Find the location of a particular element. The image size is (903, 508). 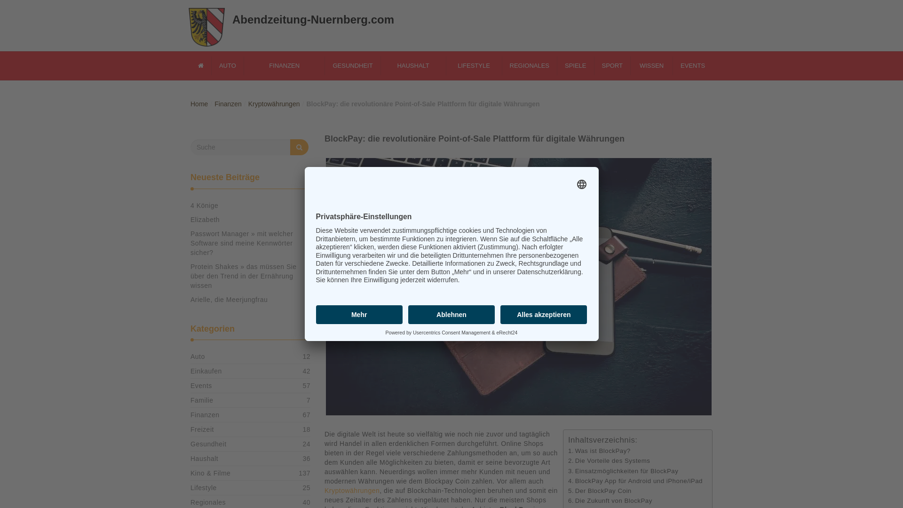

'Events is located at coordinates (190, 386).